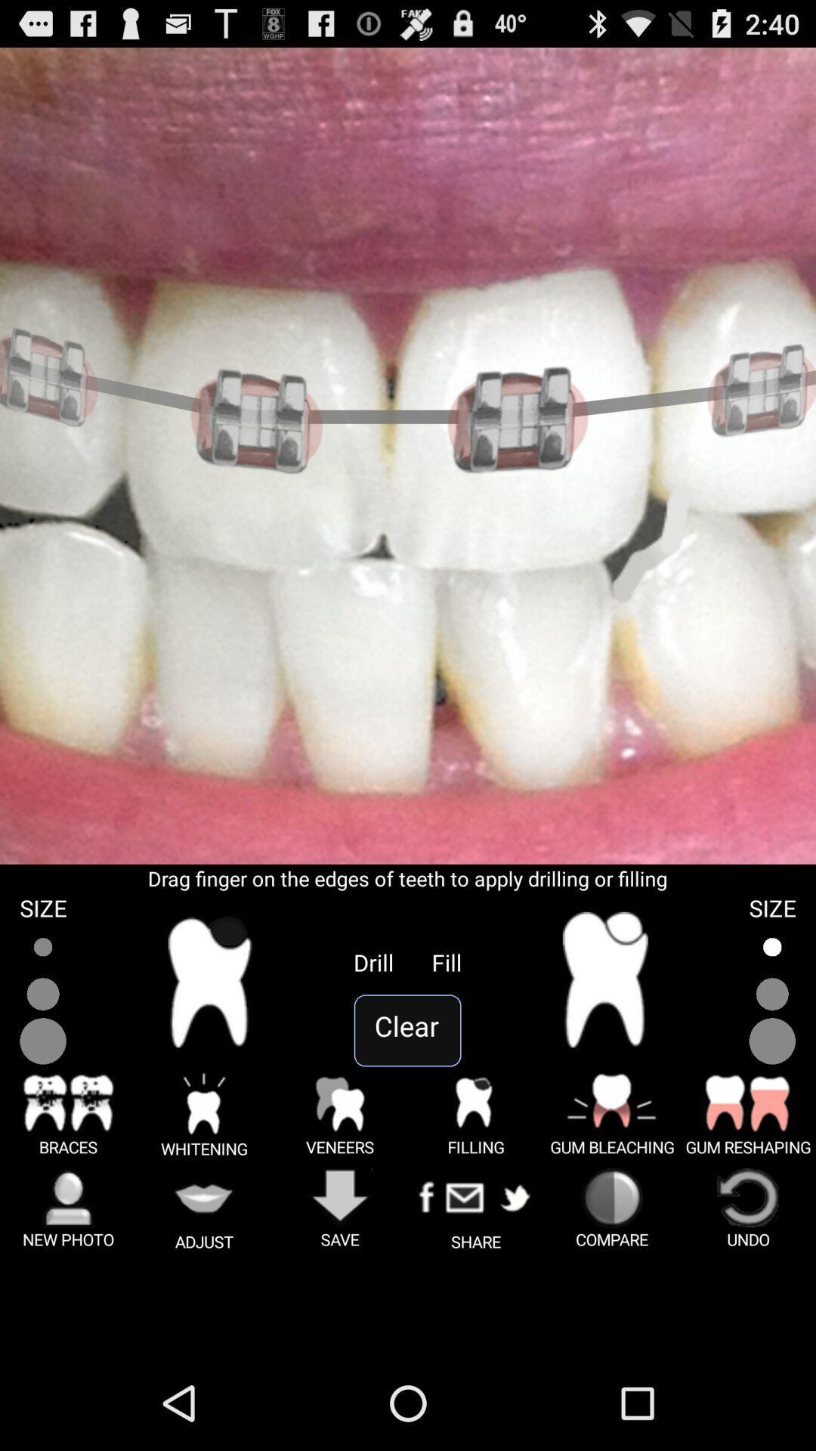  I want to click on size toggle option, so click(772, 995).